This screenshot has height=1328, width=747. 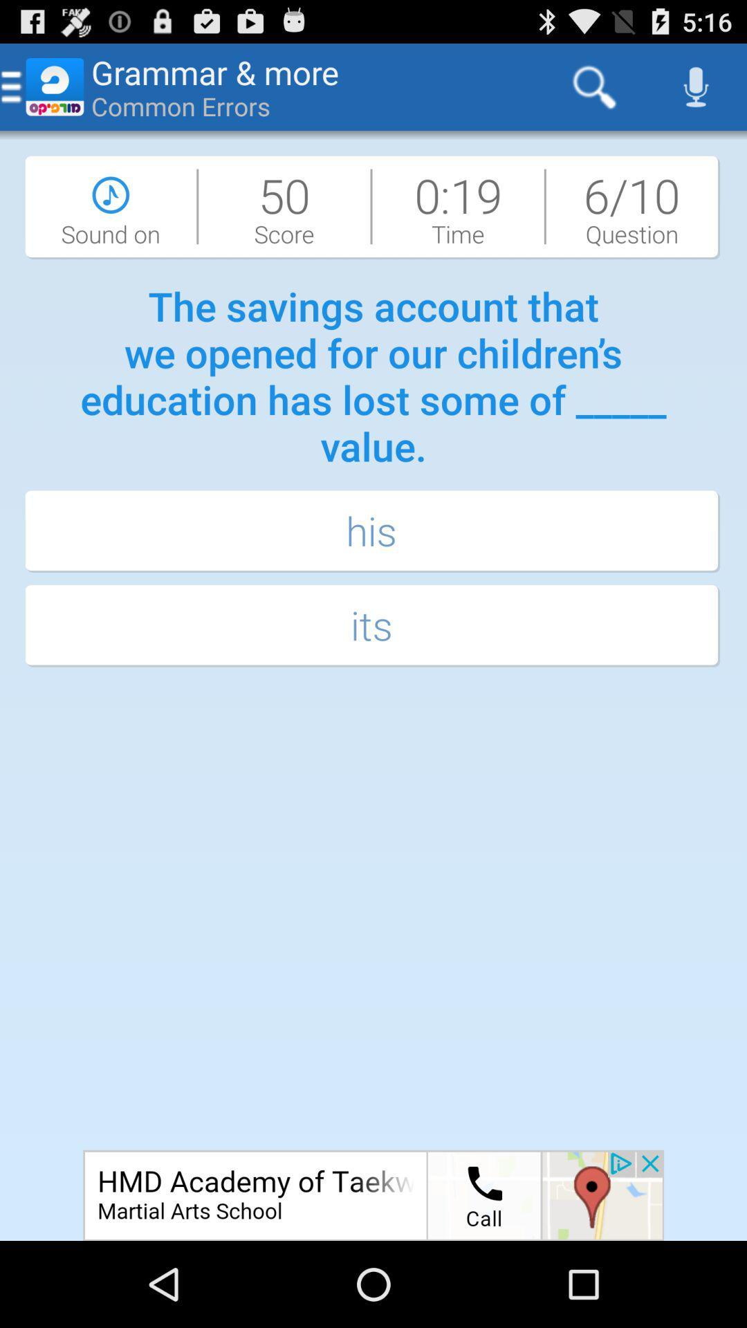 What do you see at coordinates (373, 1195) in the screenshot?
I see `visit advertisement` at bounding box center [373, 1195].